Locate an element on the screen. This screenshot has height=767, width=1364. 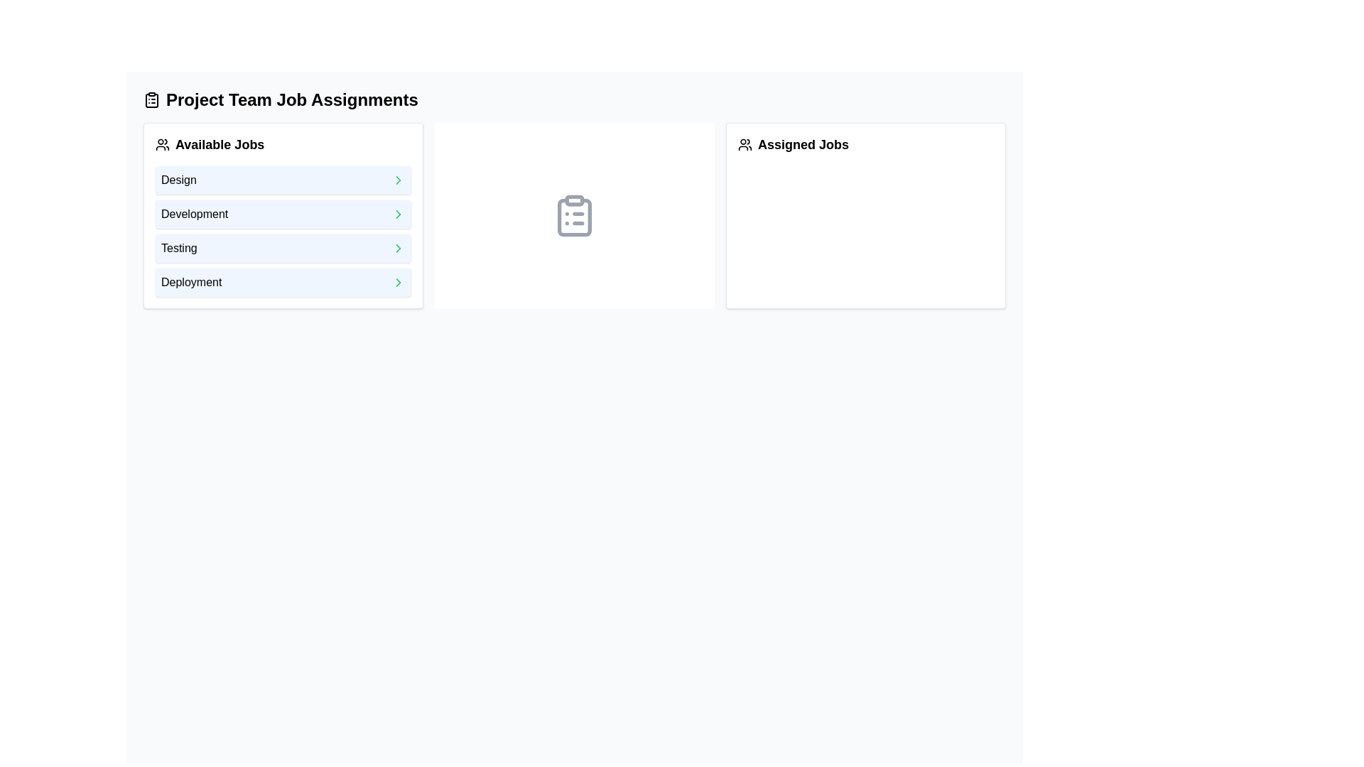
the icon that resembles a group of people, positioned to the left of the text 'Available Jobs' in the top-left section of the page is located at coordinates (163, 145).